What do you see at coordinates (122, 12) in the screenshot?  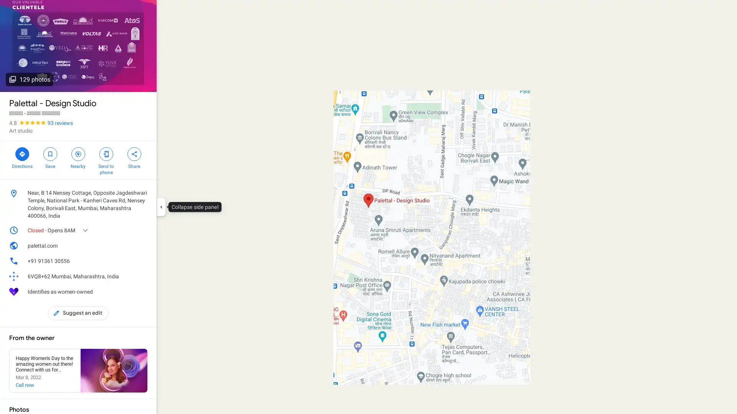 I see `Search` at bounding box center [122, 12].